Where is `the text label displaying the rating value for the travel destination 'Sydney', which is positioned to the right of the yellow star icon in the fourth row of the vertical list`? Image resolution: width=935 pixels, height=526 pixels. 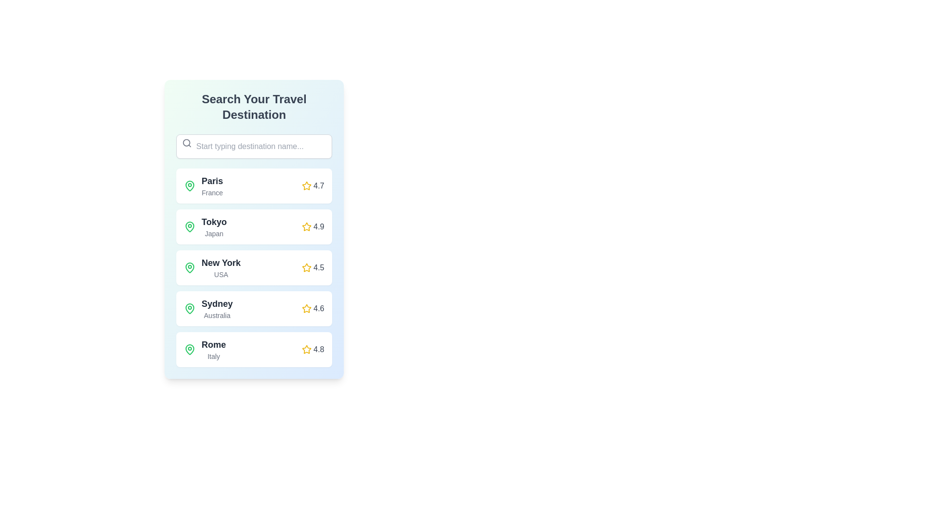
the text label displaying the rating value for the travel destination 'Sydney', which is positioned to the right of the yellow star icon in the fourth row of the vertical list is located at coordinates (318, 308).